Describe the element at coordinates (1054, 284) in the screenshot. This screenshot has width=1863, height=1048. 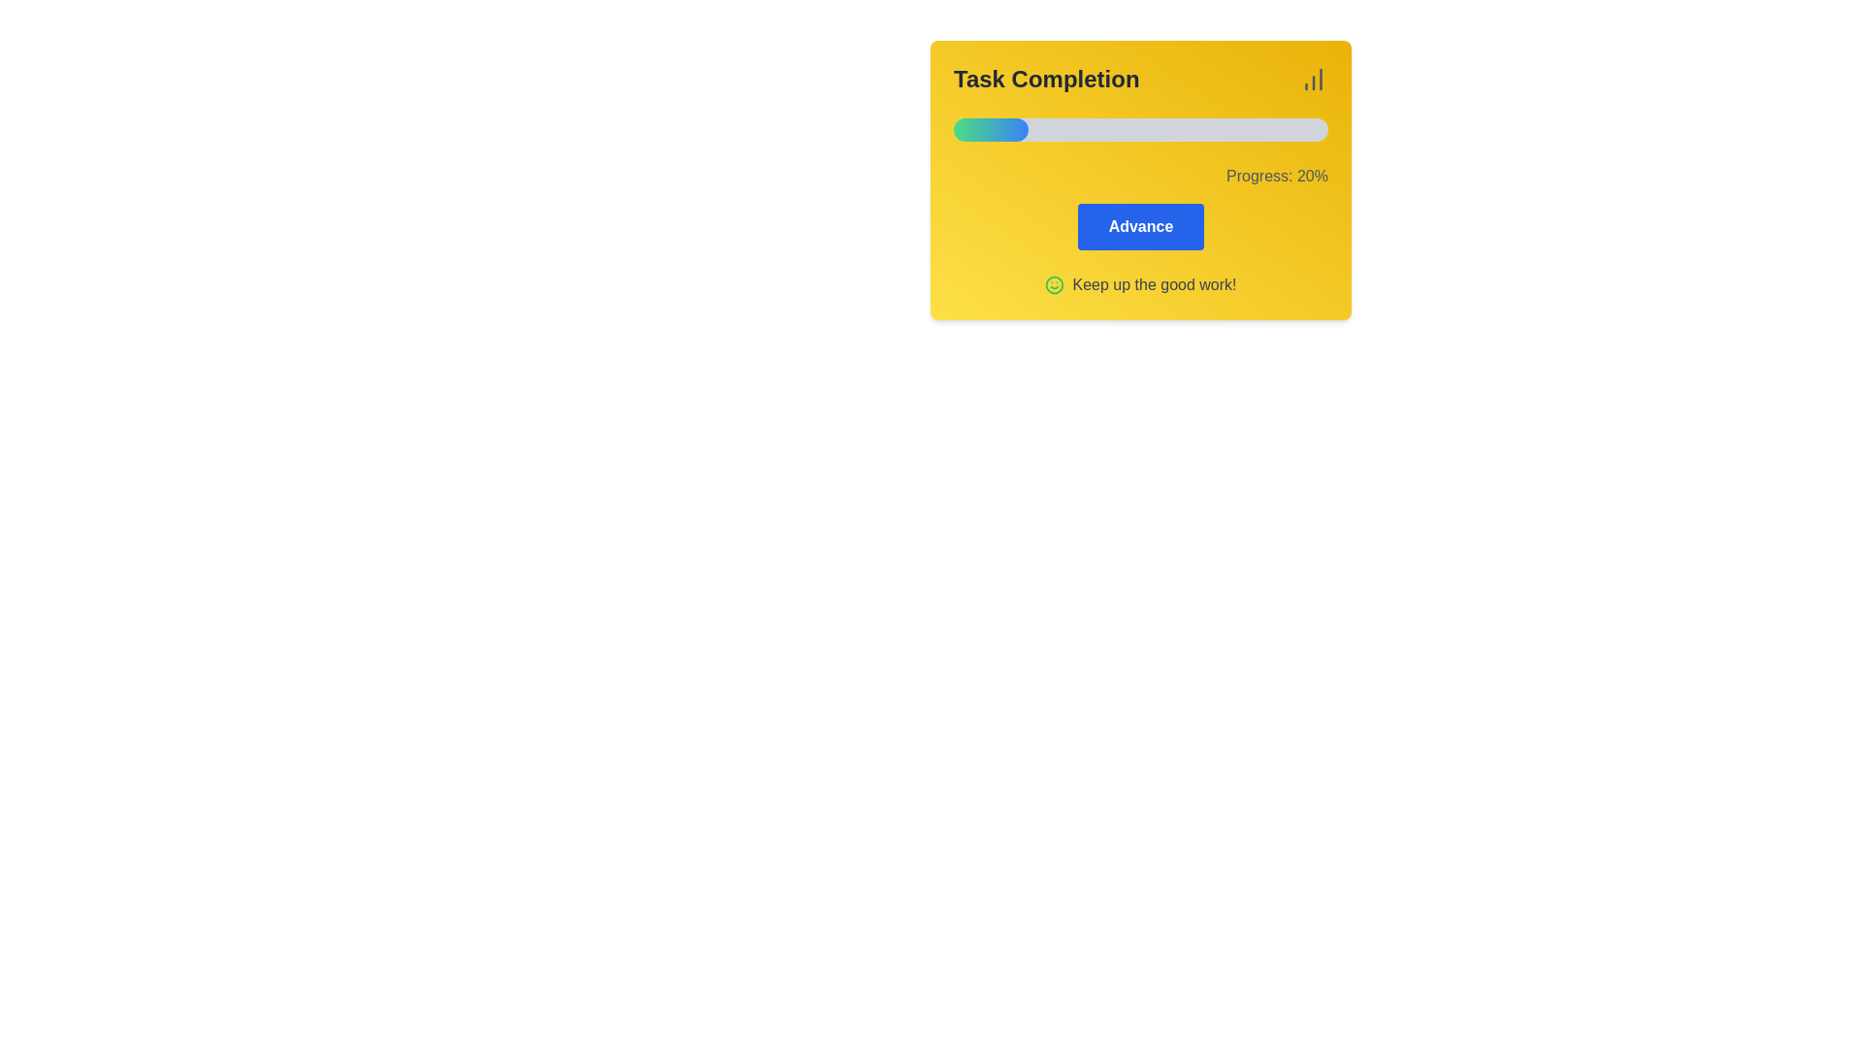
I see `the decorative icon positioned to the left of the text 'Keep up the good work!' within the yellow card group` at that location.